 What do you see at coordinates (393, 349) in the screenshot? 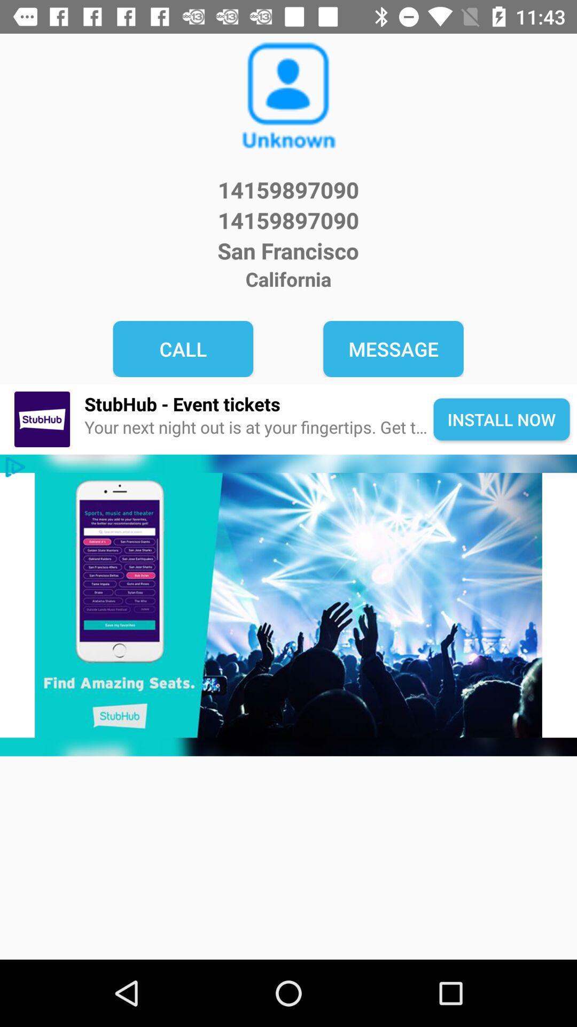
I see `the icon above the stubhub - event tickets item` at bounding box center [393, 349].